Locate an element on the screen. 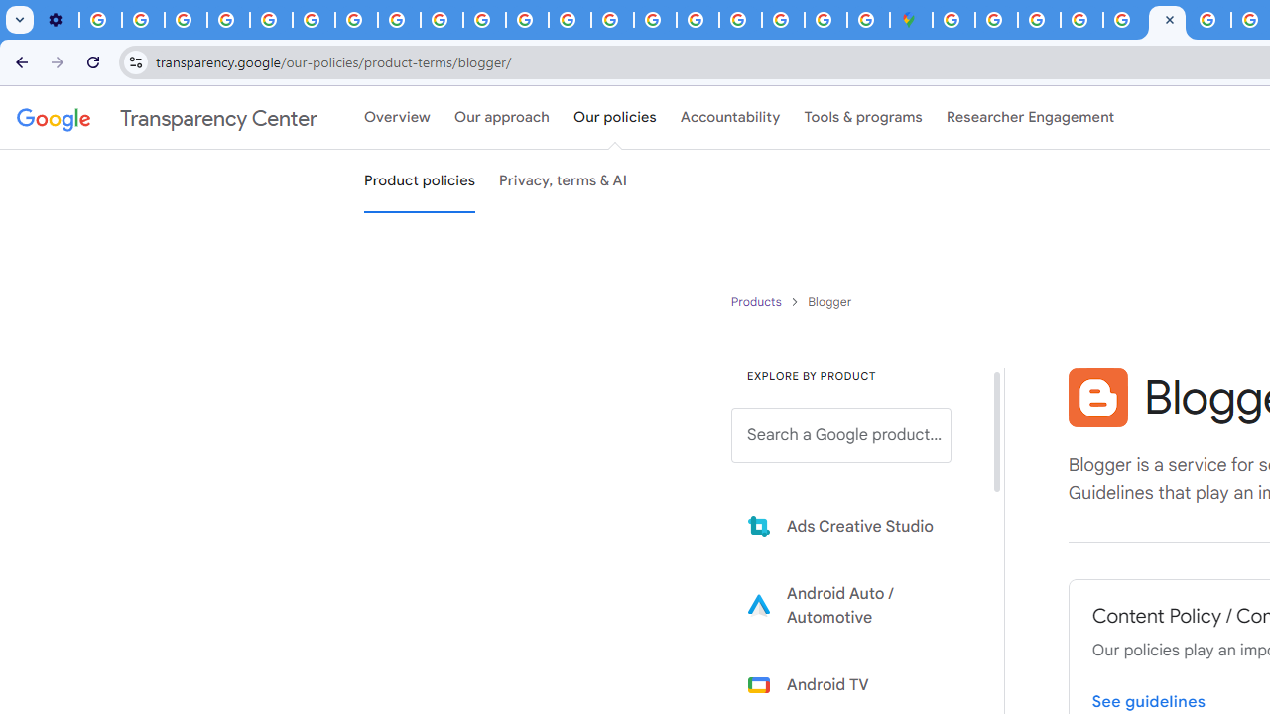 The height and width of the screenshot is (714, 1270). 'Privacy Checkup' is located at coordinates (441, 20).